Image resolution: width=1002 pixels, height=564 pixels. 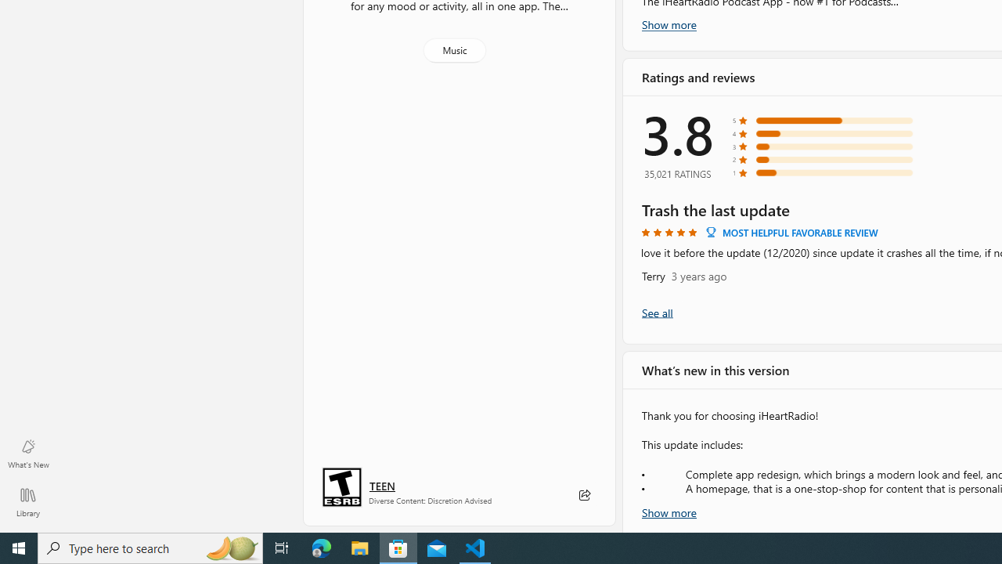 I want to click on 'Music', so click(x=453, y=49).